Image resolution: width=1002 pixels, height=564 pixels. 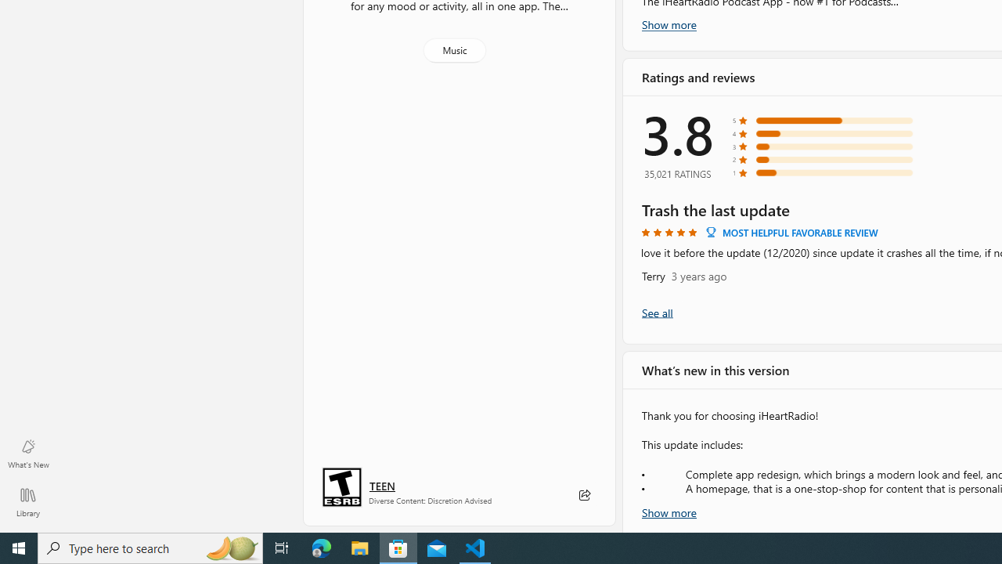 I want to click on 'Music', so click(x=453, y=49).